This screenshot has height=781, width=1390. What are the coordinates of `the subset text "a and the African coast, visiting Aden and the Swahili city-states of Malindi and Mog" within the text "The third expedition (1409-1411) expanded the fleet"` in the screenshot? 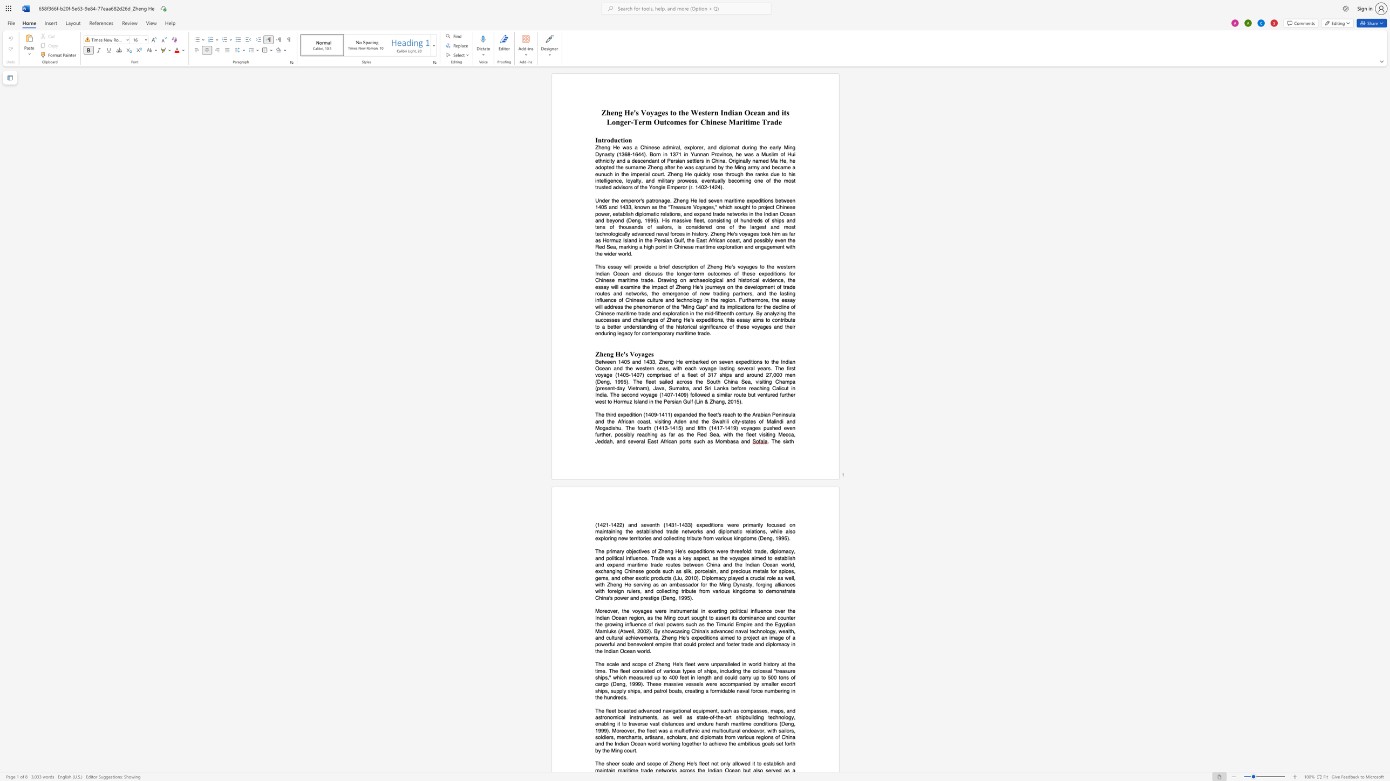 It's located at (792, 414).